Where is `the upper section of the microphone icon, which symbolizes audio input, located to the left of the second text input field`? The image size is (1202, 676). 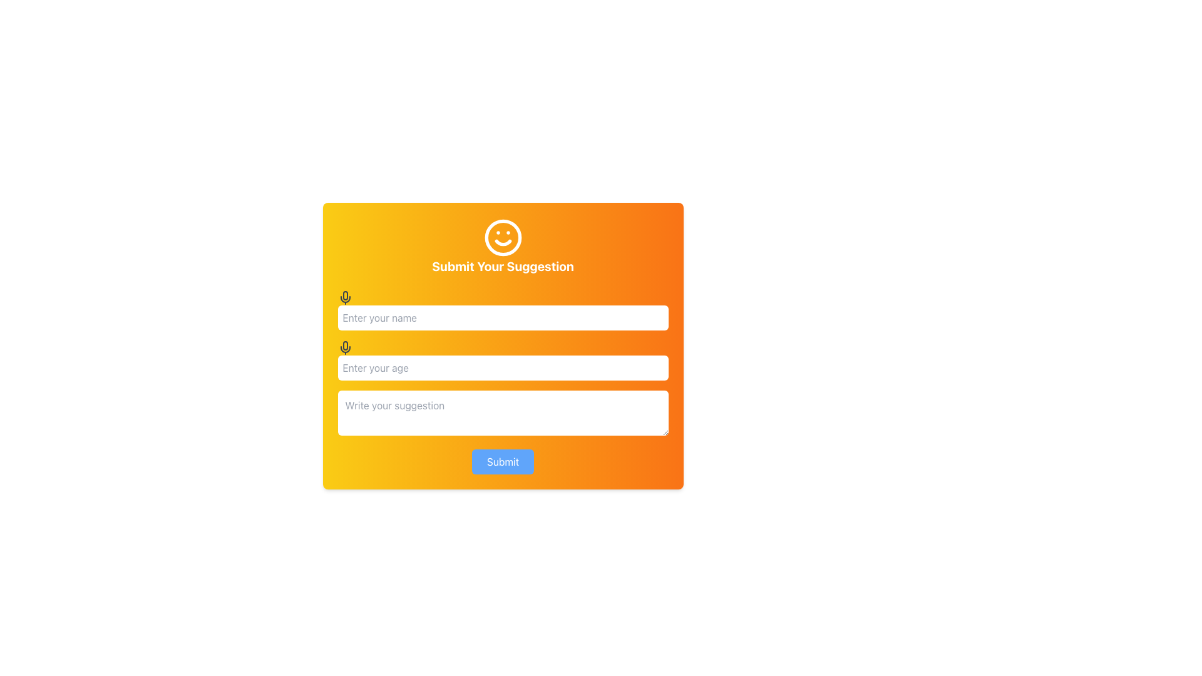
the upper section of the microphone icon, which symbolizes audio input, located to the left of the second text input field is located at coordinates (345, 295).